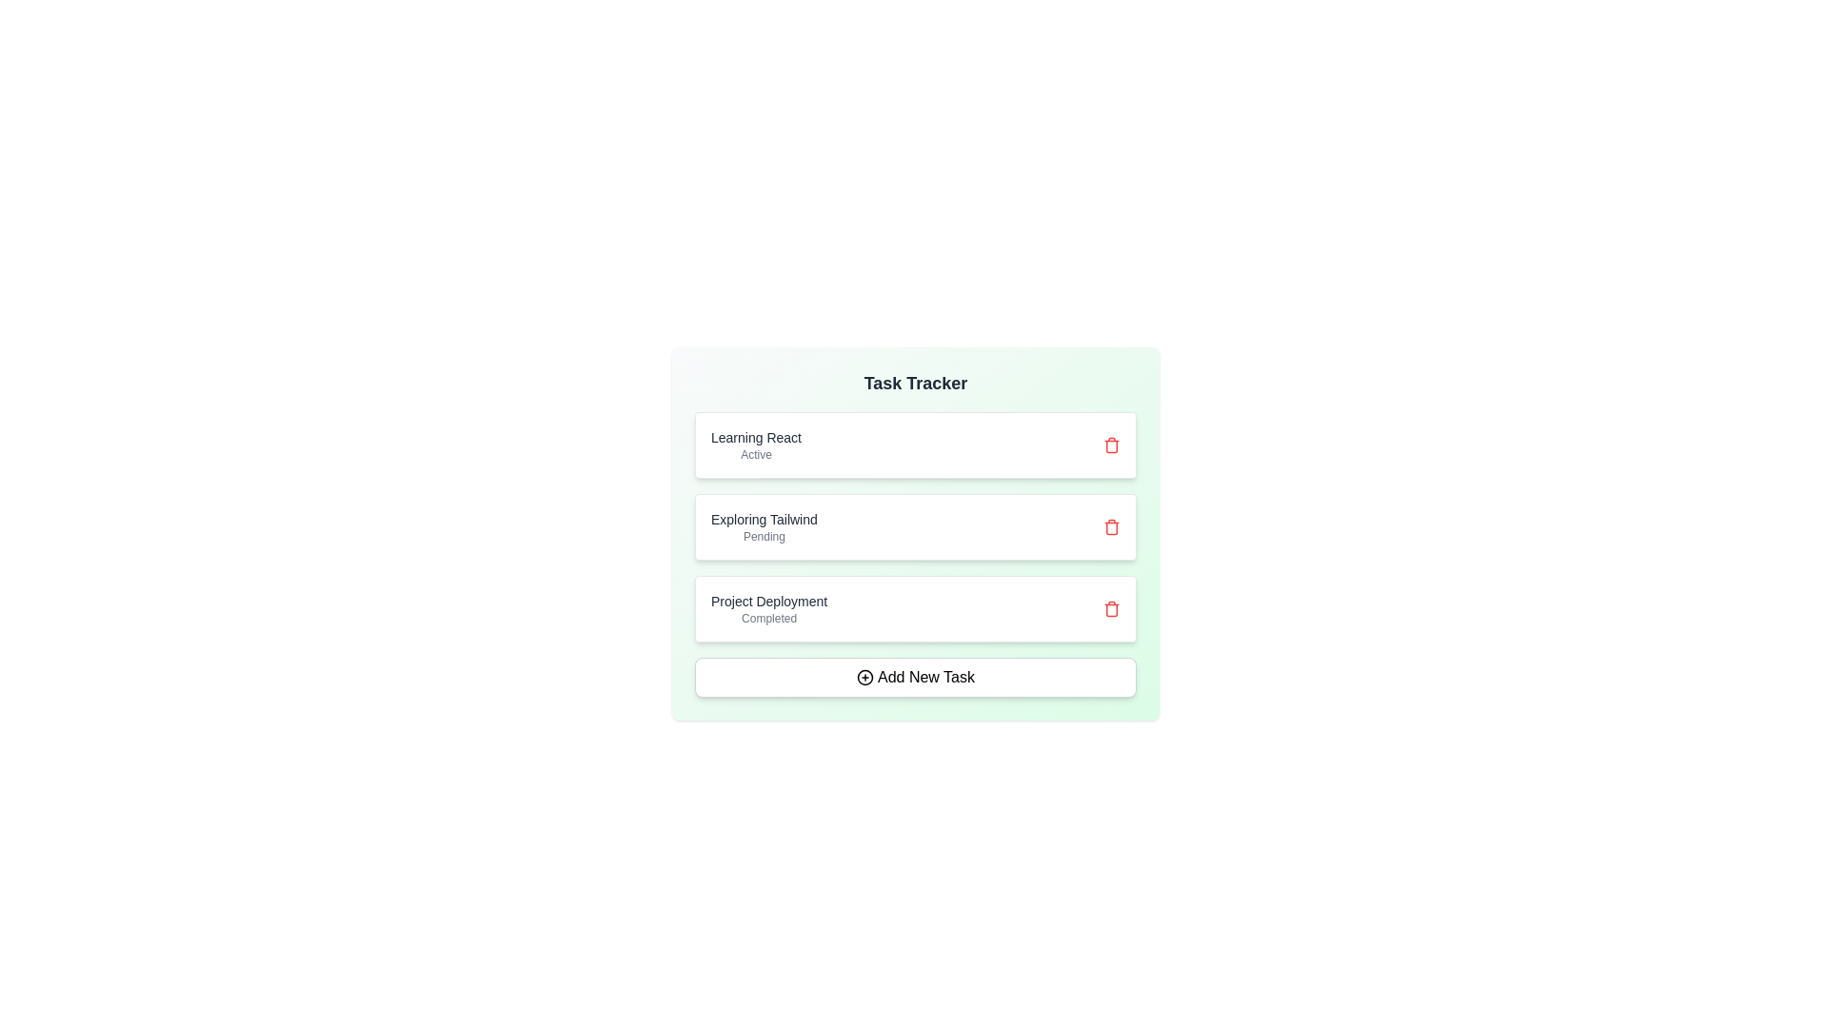 This screenshot has height=1028, width=1828. Describe the element at coordinates (1111, 527) in the screenshot. I see `the delete button for the task labeled Exploring Tailwind` at that location.